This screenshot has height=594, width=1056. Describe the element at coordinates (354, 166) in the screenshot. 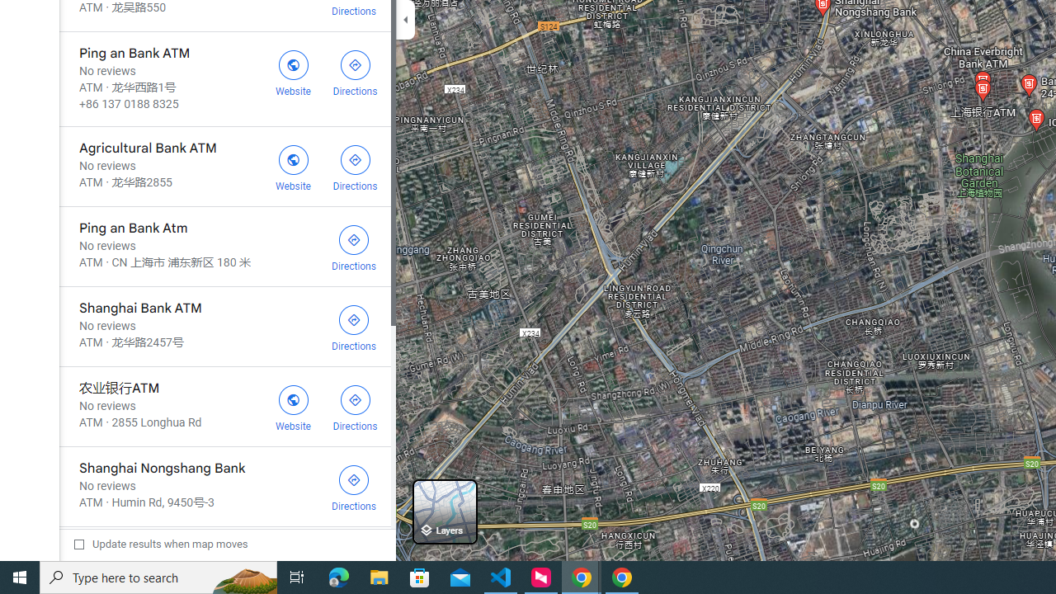

I see `'Get directions to Agricultural Bank ATM'` at that location.